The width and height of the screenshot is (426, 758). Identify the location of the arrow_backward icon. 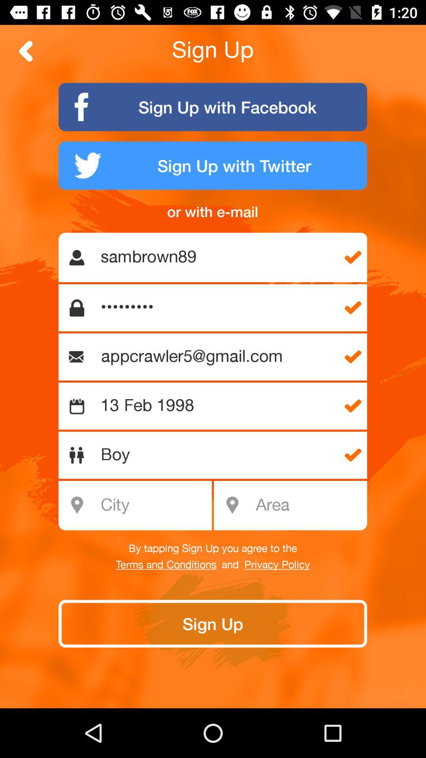
(26, 51).